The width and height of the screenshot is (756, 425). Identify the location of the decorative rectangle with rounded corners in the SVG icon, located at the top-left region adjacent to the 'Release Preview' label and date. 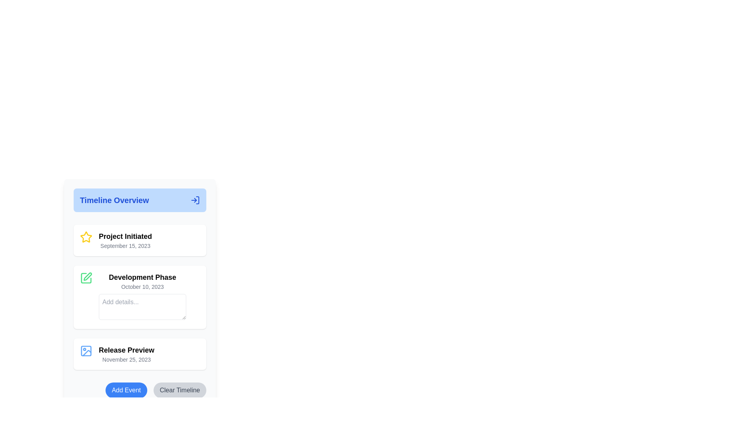
(86, 350).